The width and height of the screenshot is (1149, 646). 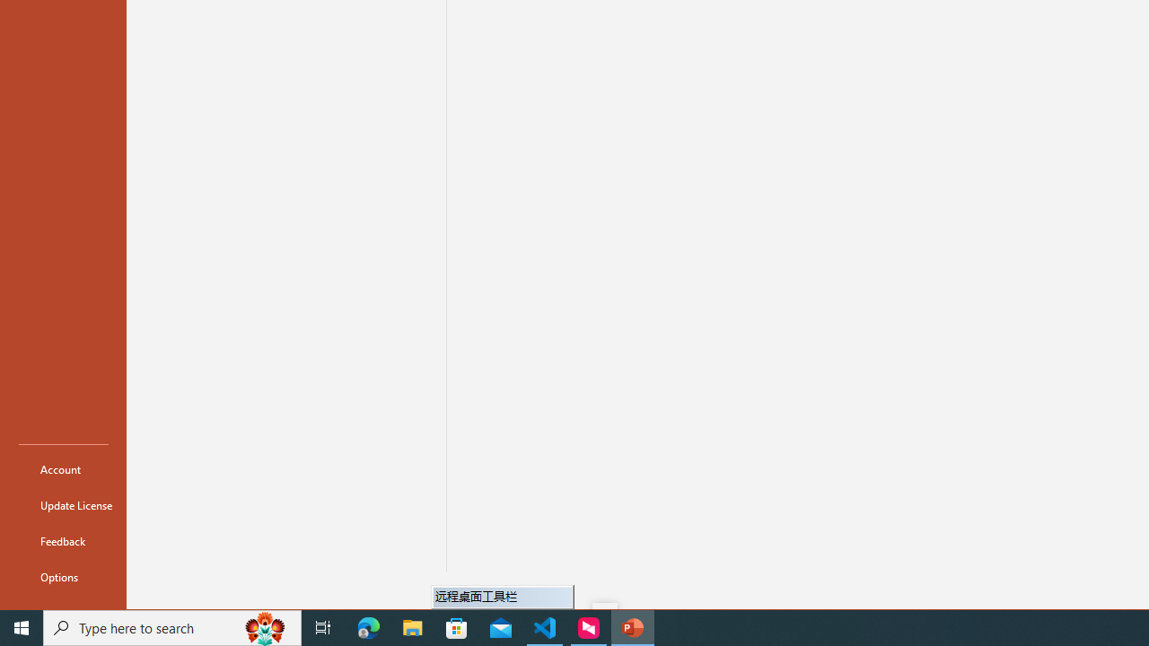 I want to click on 'Microsoft Store', so click(x=457, y=626).